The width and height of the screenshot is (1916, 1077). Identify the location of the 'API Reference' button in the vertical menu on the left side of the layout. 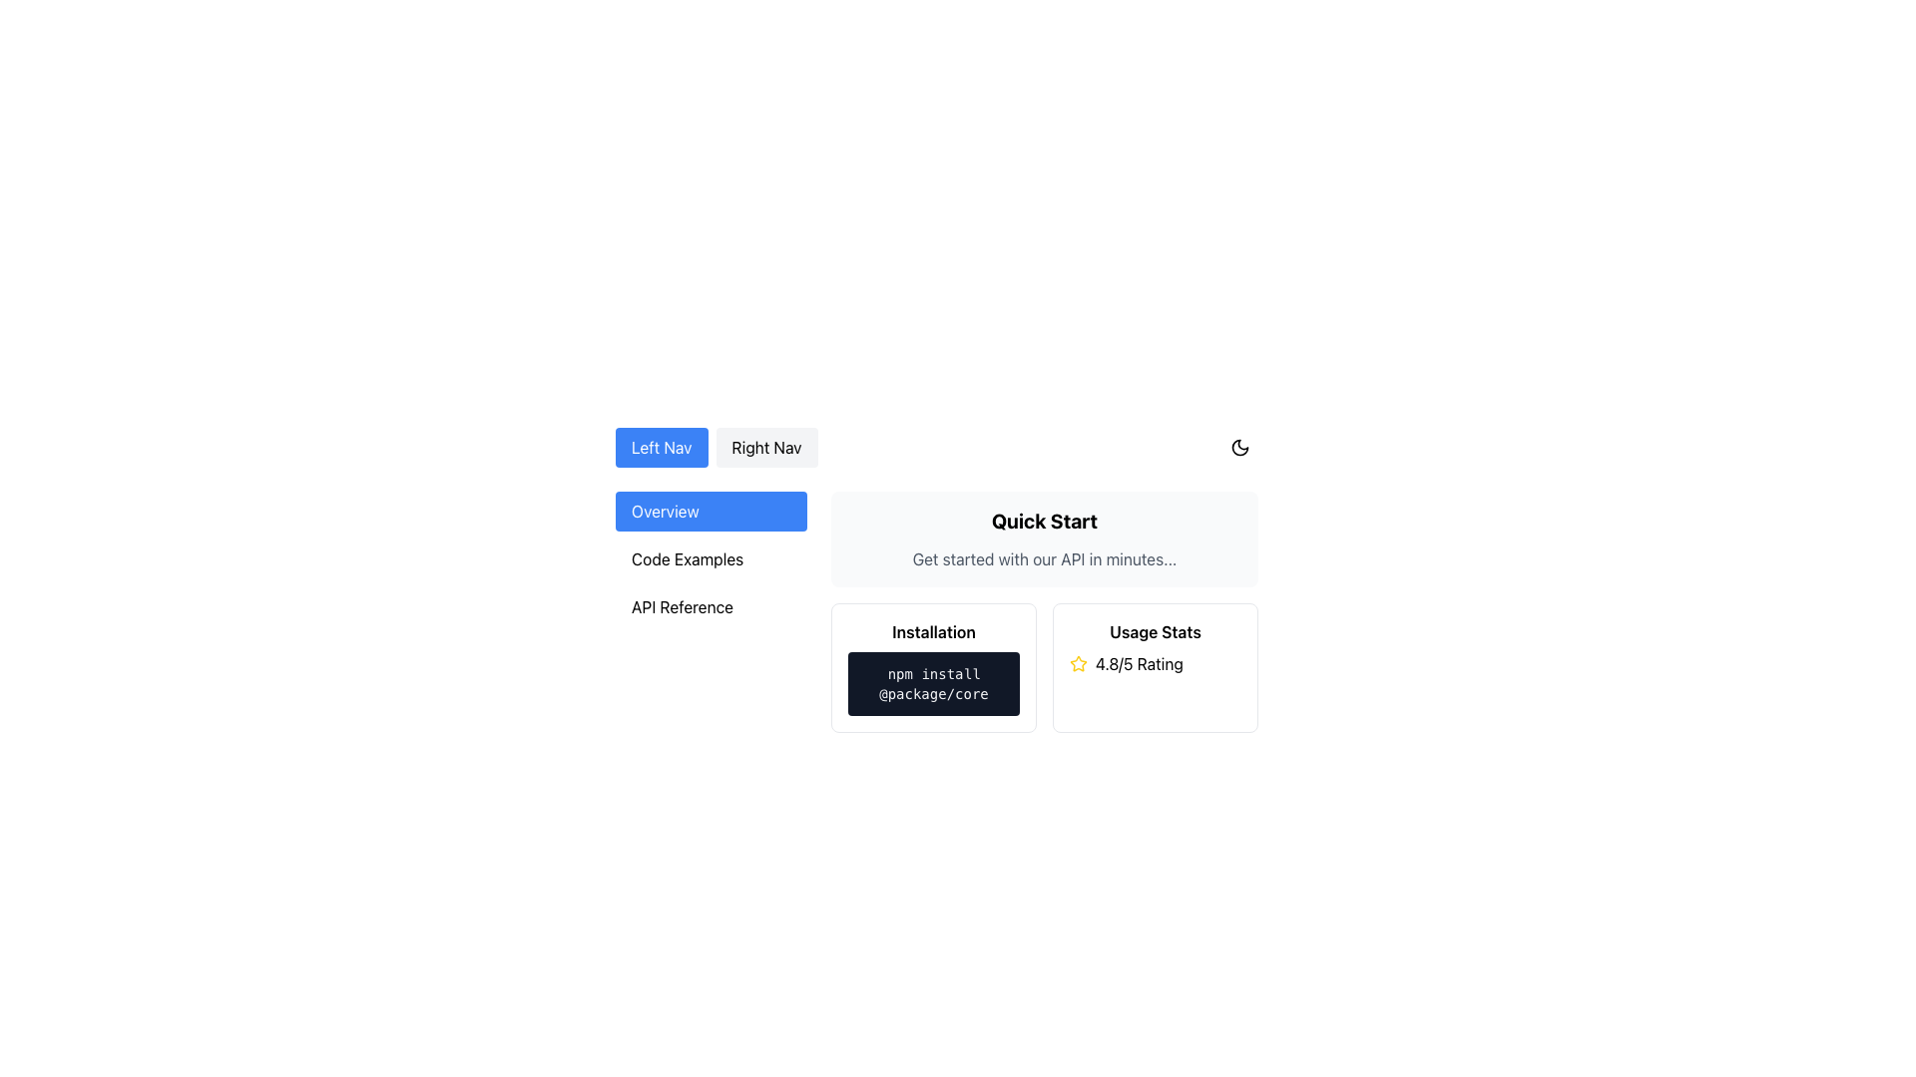
(712, 610).